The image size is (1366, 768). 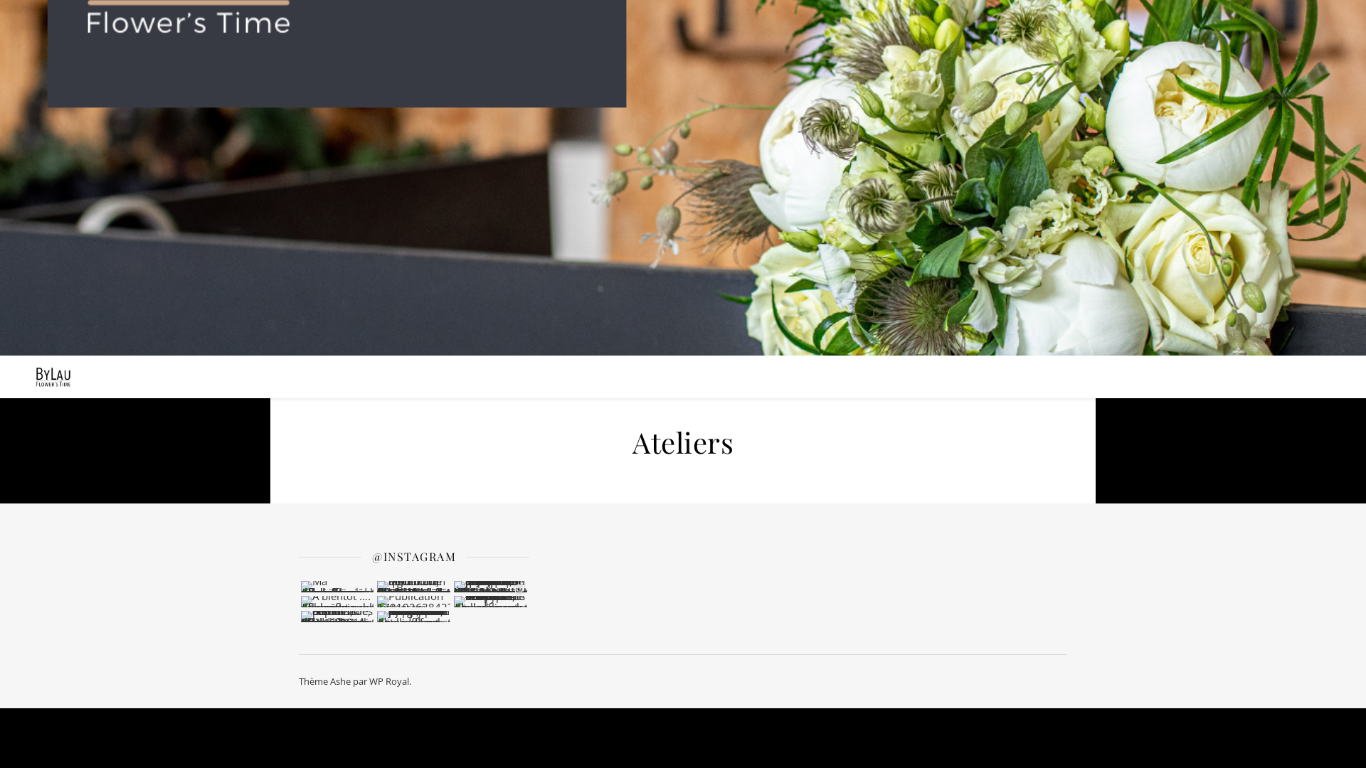 I want to click on 'WP Royal', so click(x=389, y=680).